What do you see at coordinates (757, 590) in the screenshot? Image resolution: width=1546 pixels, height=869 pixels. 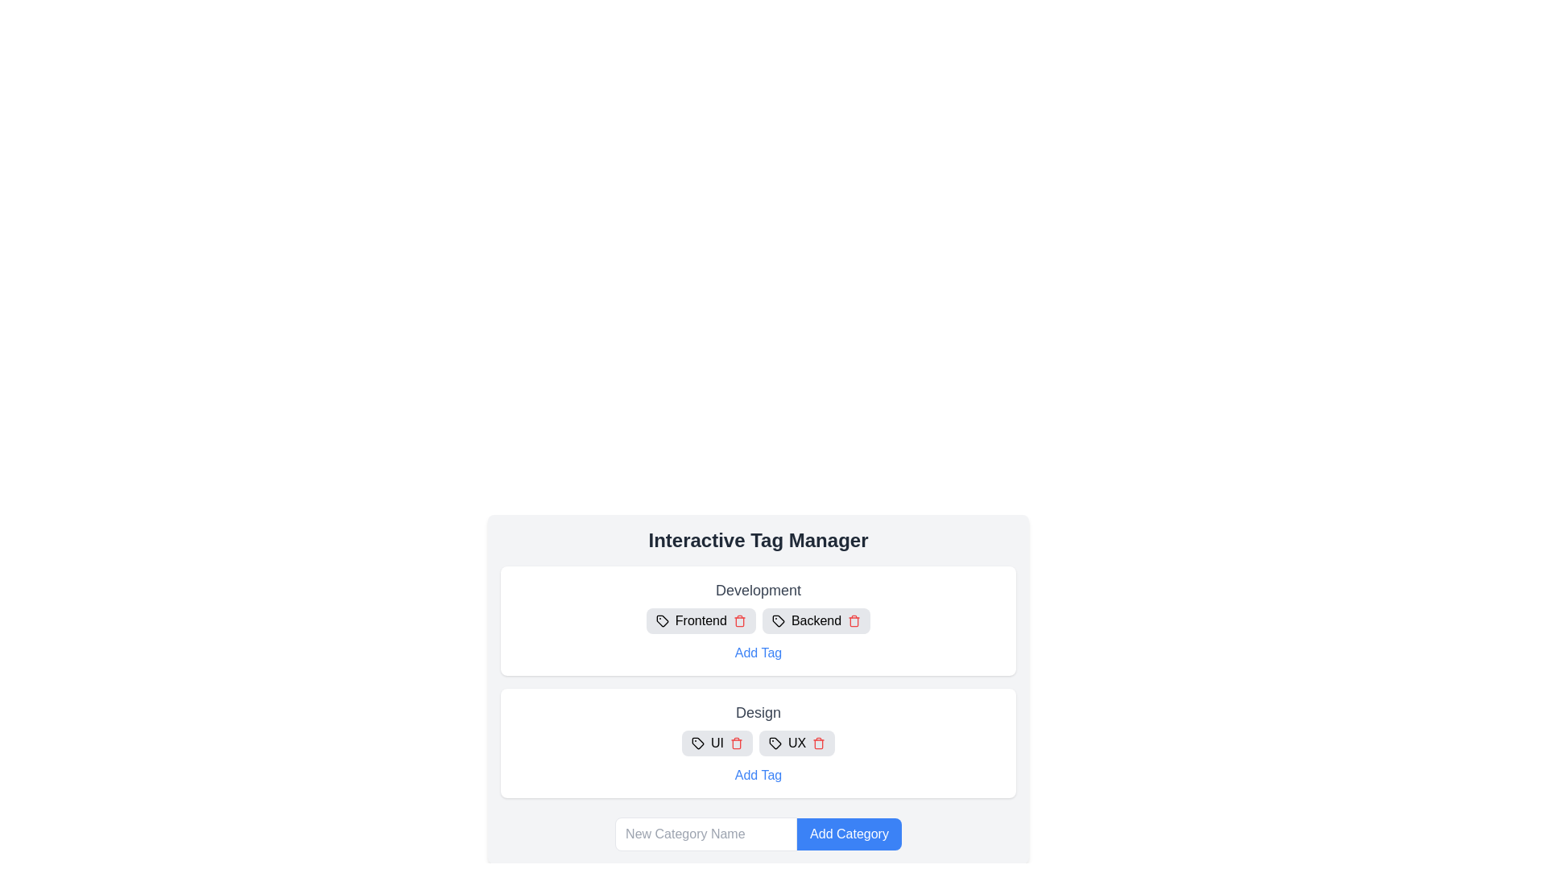 I see `the 'Development' text label, which categorizes the content within the associated card and is positioned above the 'Frontend' and 'Backend' tag buttons` at bounding box center [757, 590].